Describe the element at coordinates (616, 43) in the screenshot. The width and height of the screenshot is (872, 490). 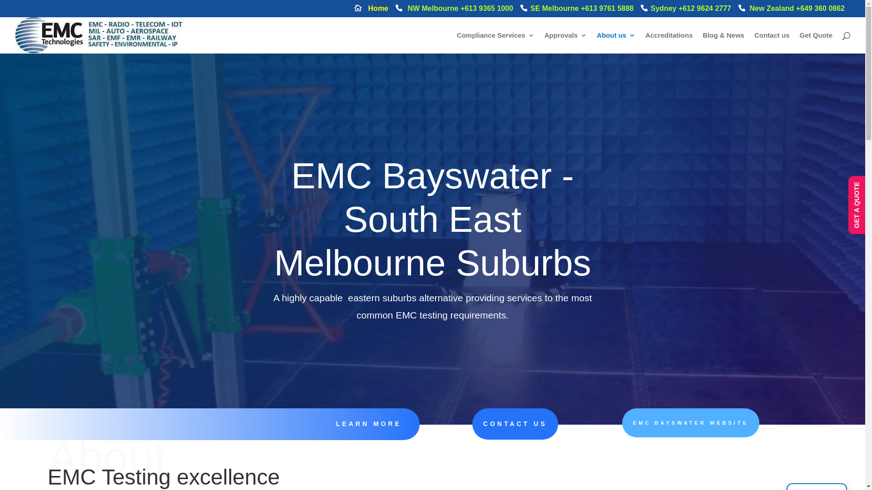
I see `'About us'` at that location.